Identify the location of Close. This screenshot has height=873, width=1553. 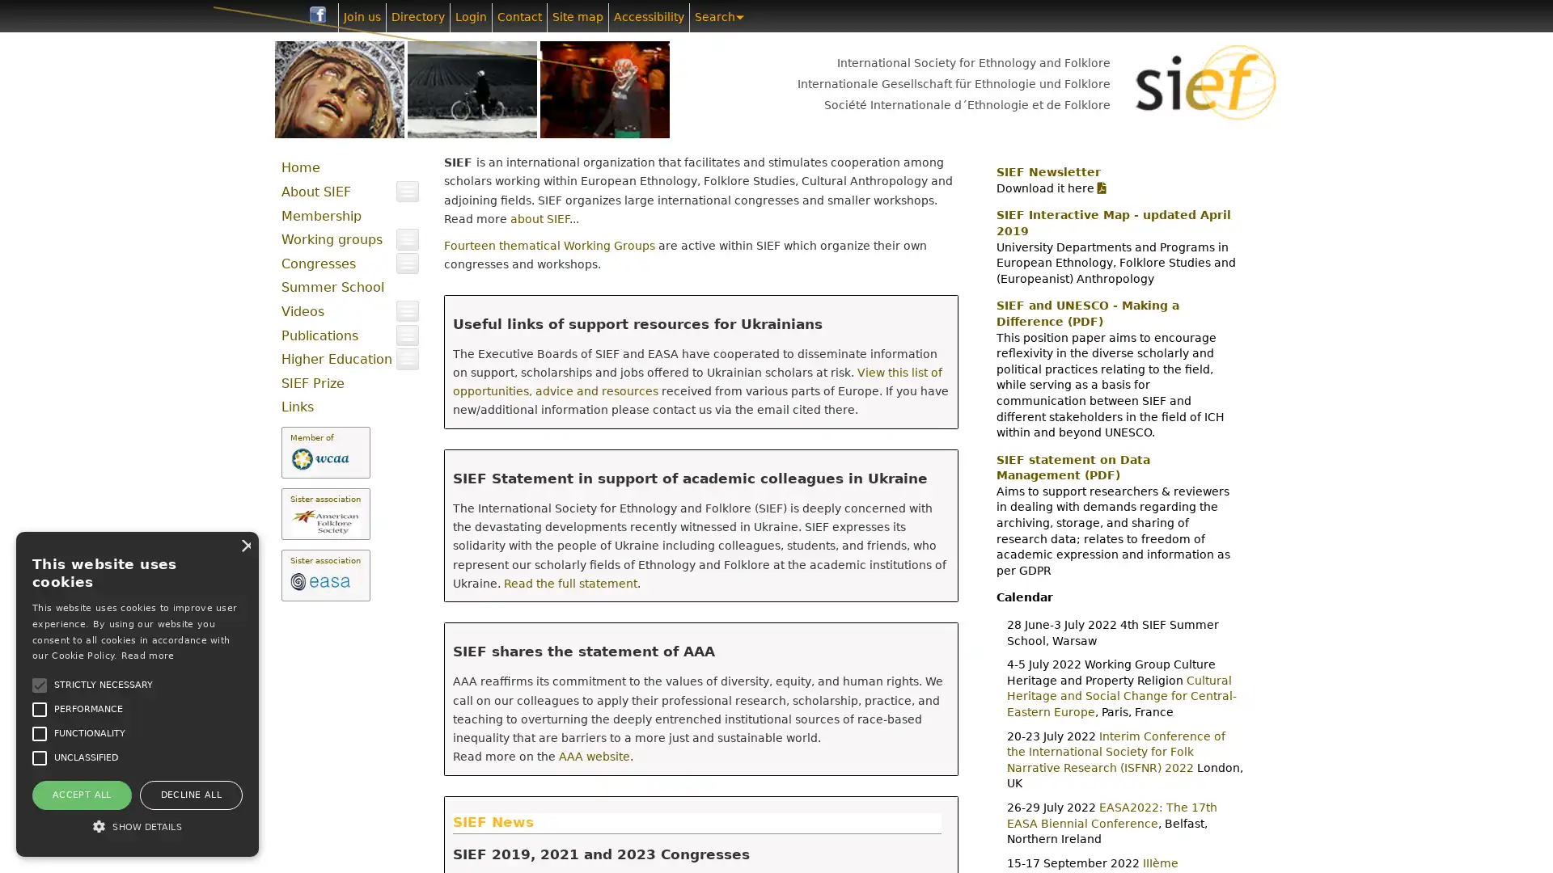
(243, 545).